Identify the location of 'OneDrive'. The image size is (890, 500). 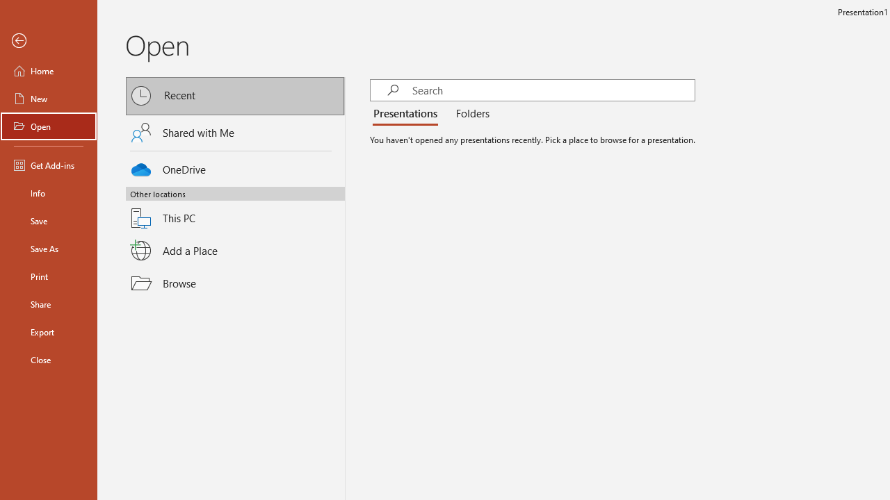
(235, 166).